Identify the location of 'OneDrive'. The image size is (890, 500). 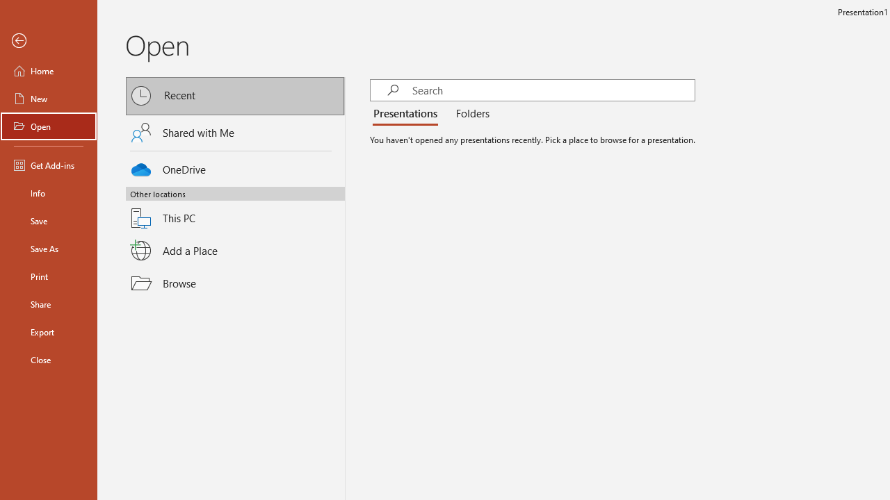
(235, 166).